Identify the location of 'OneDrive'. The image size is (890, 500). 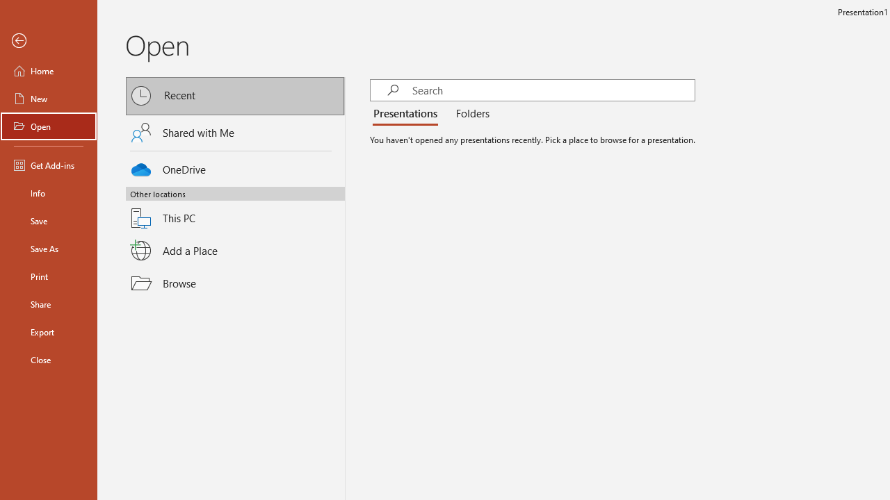
(235, 166).